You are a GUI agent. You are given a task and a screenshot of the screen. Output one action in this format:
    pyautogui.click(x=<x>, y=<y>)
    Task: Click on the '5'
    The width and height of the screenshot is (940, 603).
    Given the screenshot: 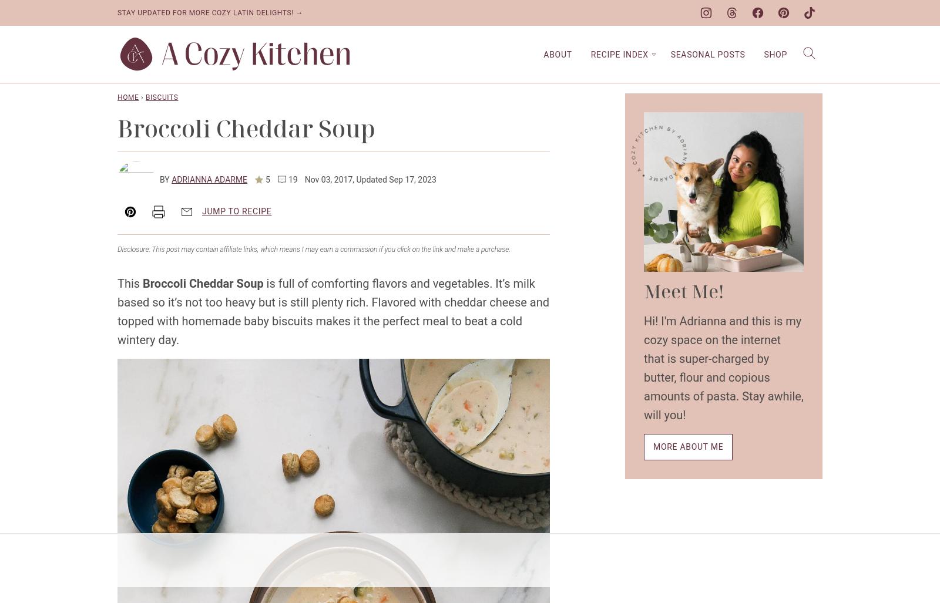 What is the action you would take?
    pyautogui.click(x=264, y=178)
    